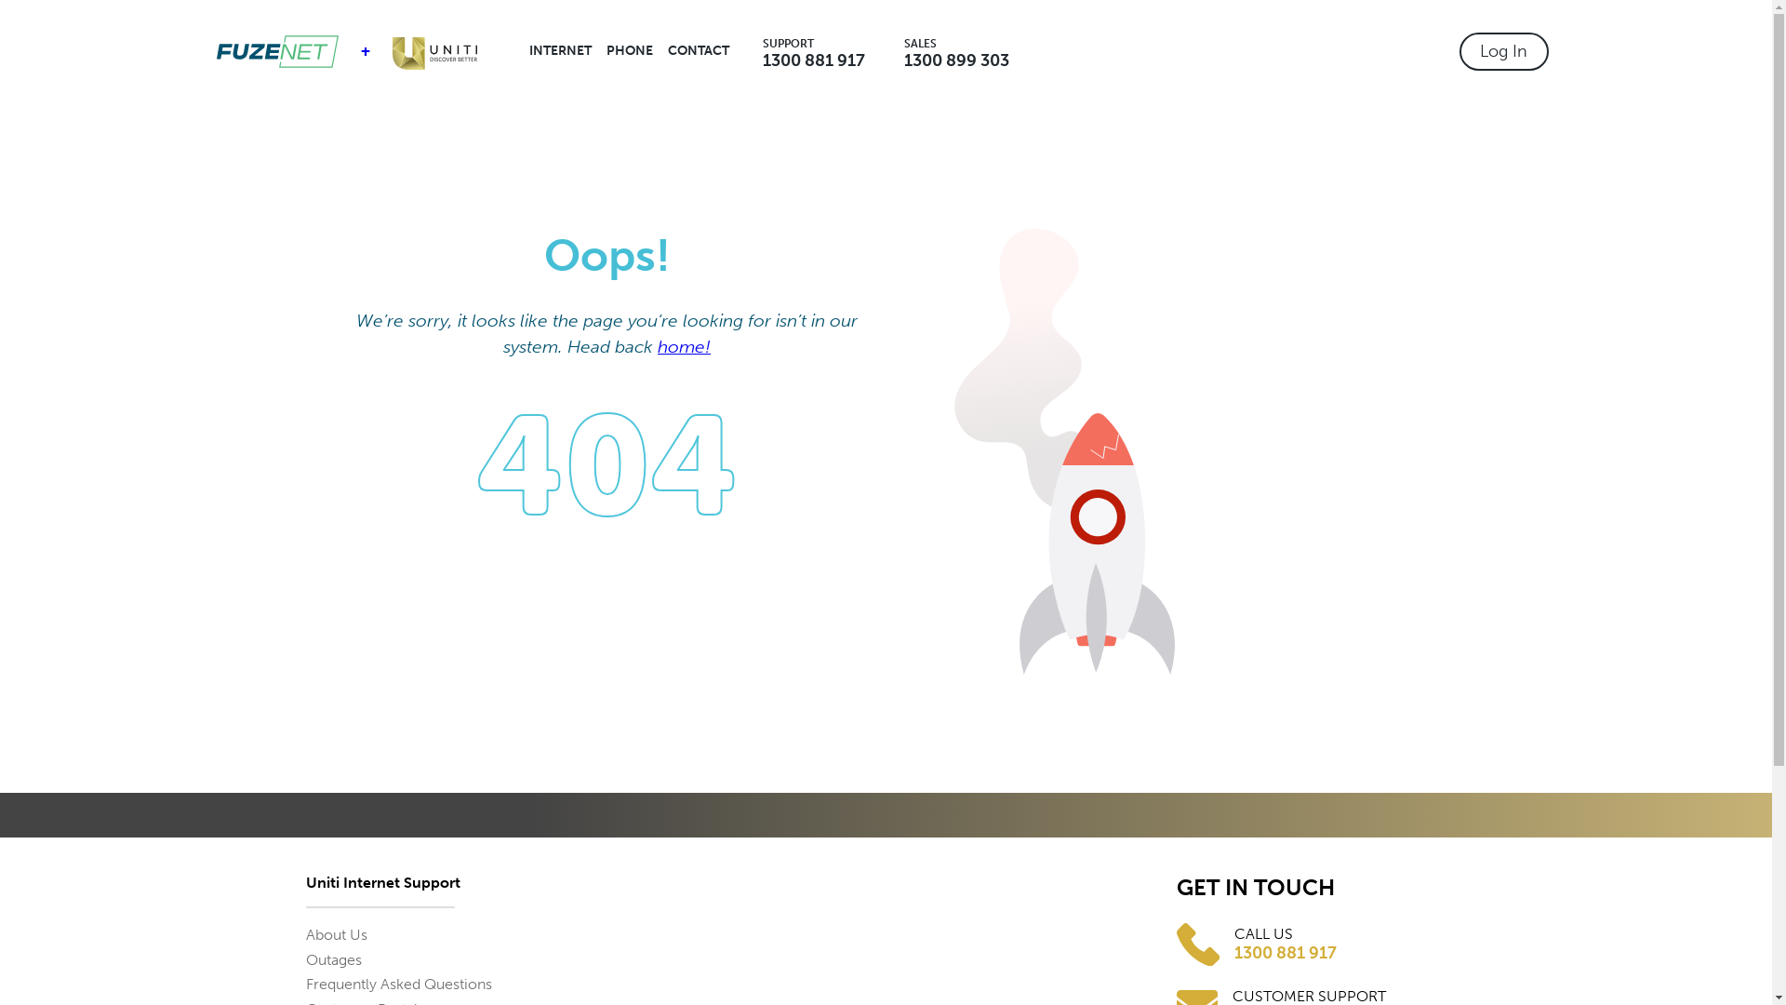 The image size is (1786, 1005). What do you see at coordinates (333, 959) in the screenshot?
I see `'Outages'` at bounding box center [333, 959].